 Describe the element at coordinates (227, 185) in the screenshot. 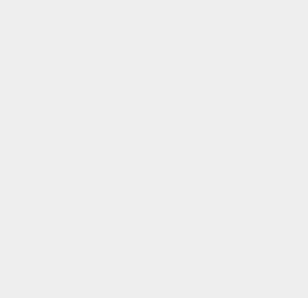

I see `'Kaspersky'` at that location.